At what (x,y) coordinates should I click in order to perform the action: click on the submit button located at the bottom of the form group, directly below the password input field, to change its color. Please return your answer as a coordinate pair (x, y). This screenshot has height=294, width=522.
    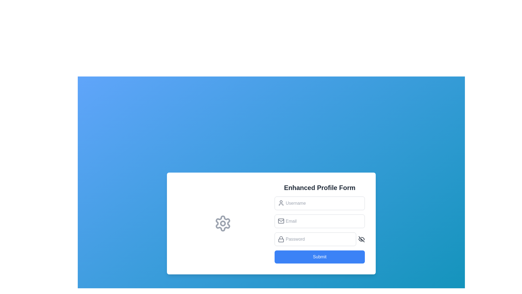
    Looking at the image, I should click on (320, 257).